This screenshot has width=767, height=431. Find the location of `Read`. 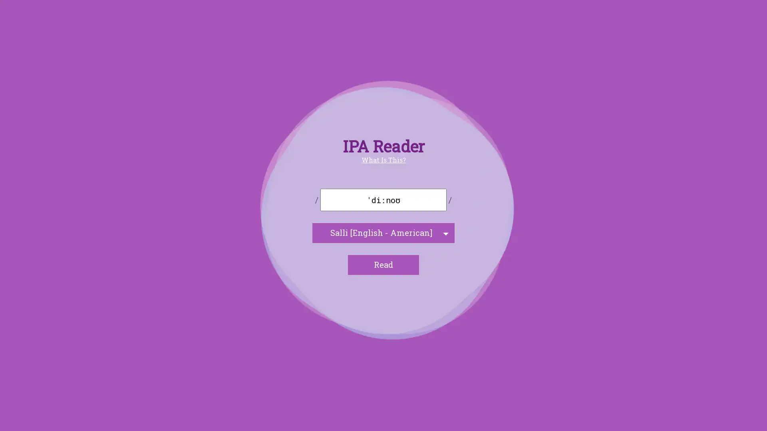

Read is located at coordinates (383, 265).